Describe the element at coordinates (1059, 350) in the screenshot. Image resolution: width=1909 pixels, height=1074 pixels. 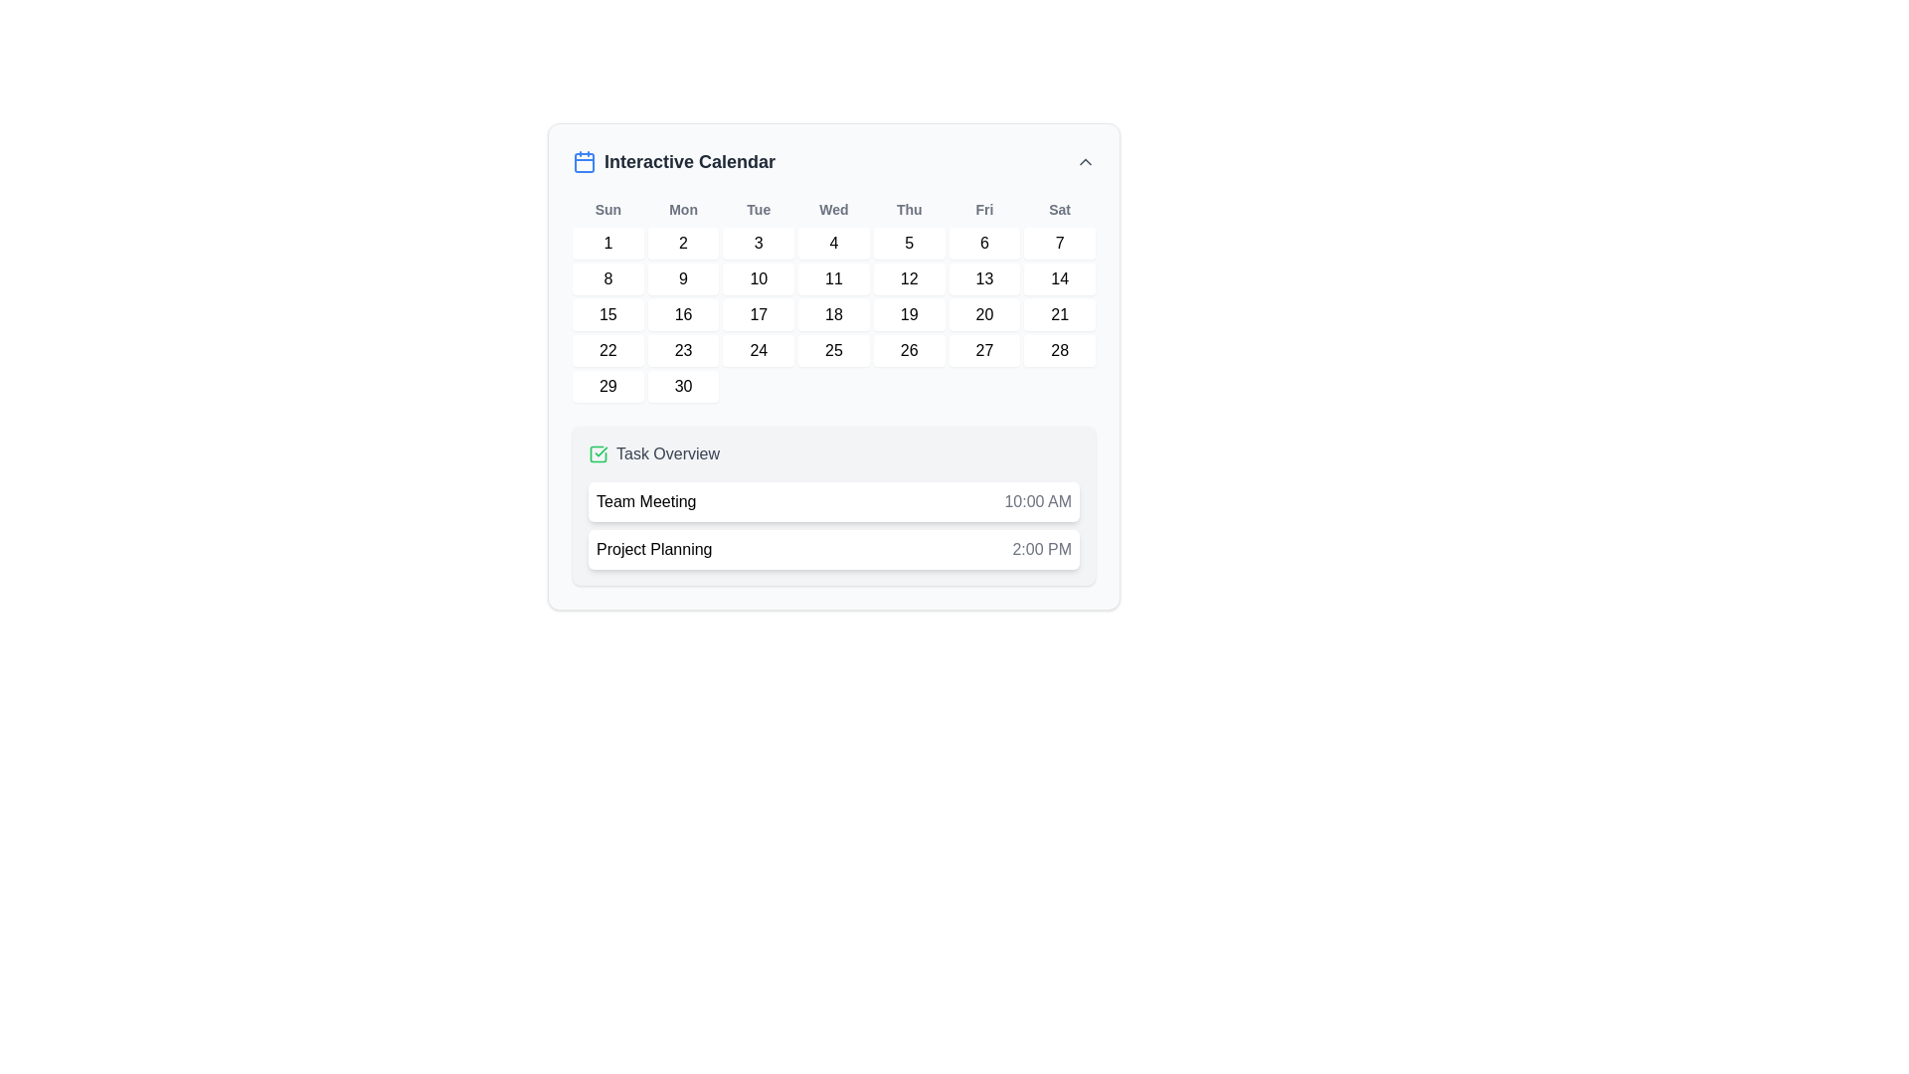
I see `the clickable button representing the date 28 in the Saturday column of the calendar interface` at that location.